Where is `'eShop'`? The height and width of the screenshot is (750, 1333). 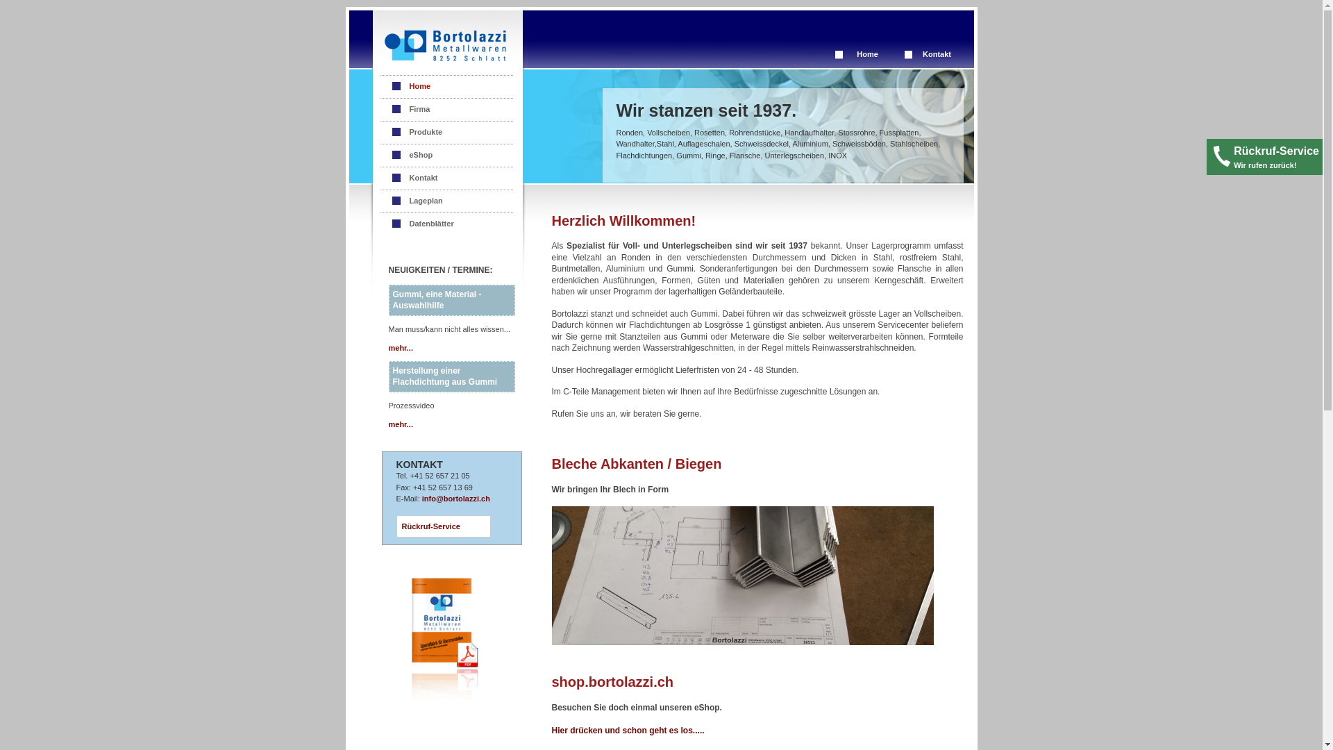
'eShop' is located at coordinates (448, 155).